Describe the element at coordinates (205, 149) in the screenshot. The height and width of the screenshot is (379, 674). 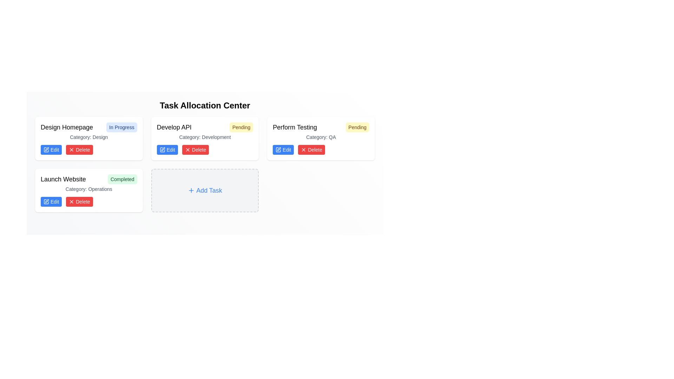
I see `the Delete button located at the bottom of the third card in the first row under the header 'Develop API' which allows for removing the associated card content` at that location.